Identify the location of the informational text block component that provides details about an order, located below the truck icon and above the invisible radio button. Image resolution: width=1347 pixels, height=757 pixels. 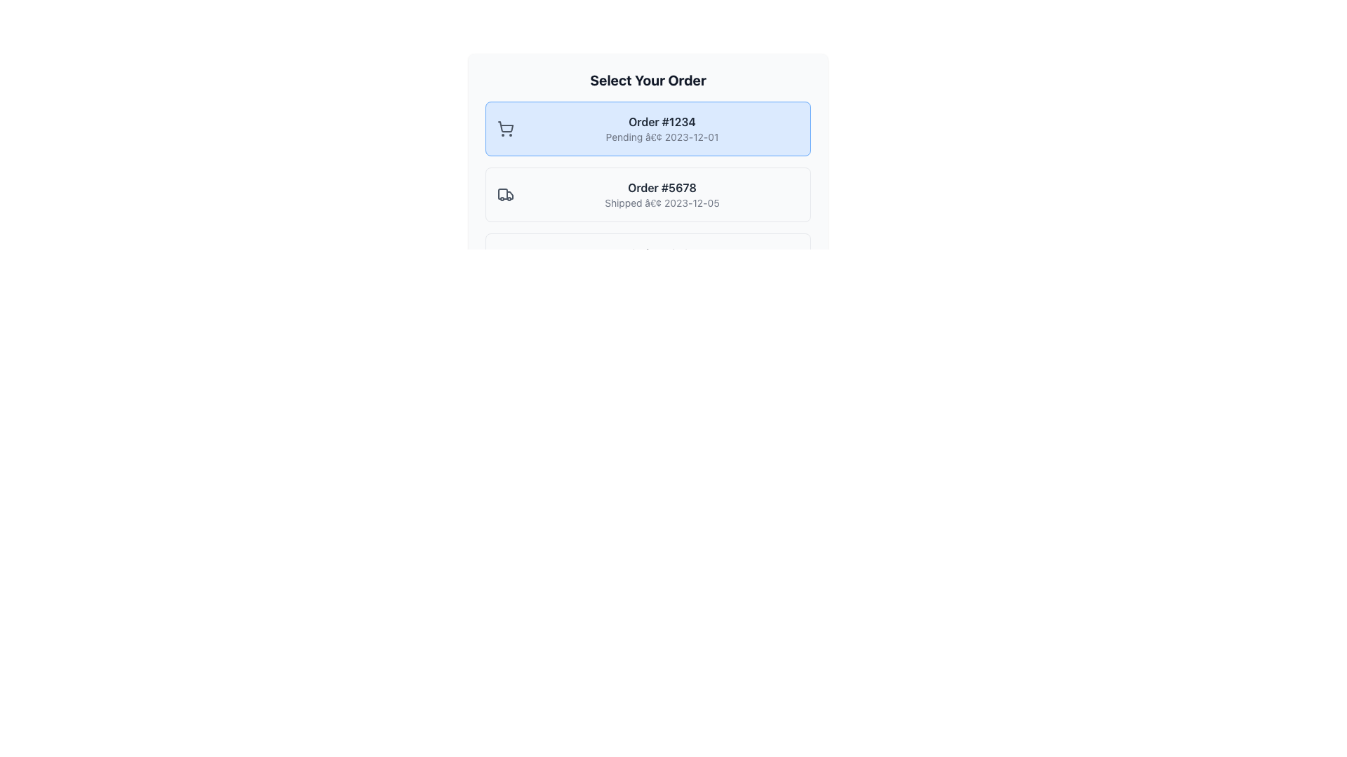
(662, 194).